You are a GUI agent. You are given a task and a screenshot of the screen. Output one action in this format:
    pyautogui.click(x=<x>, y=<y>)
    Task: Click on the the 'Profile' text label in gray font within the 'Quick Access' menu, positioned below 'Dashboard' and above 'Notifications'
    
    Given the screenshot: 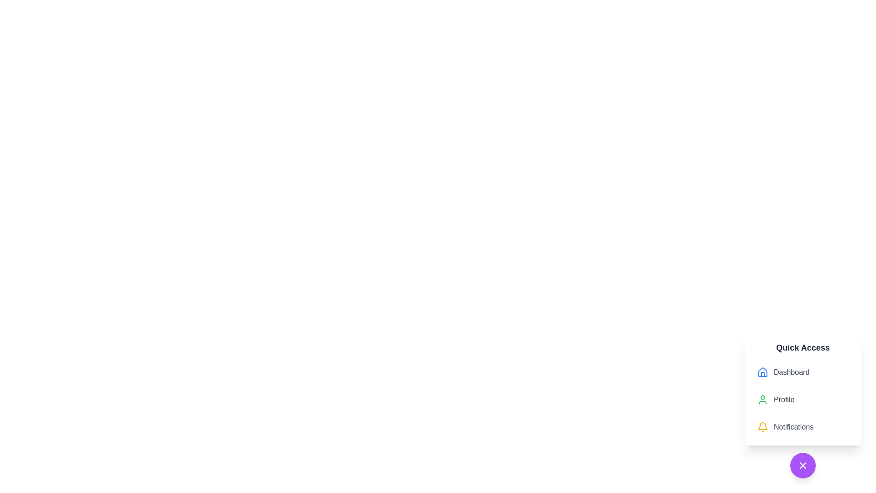 What is the action you would take?
    pyautogui.click(x=783, y=399)
    